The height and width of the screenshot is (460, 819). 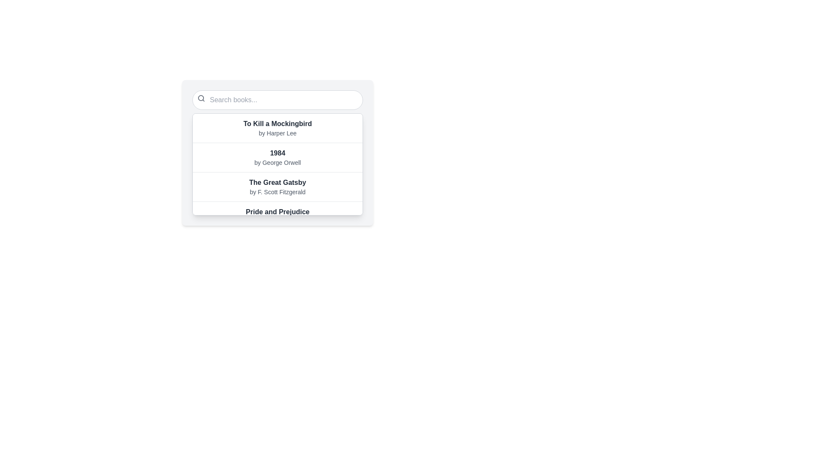 I want to click on the list item displaying 'The Great Gatsby' by F. Scott Fitzgerald, so click(x=278, y=186).